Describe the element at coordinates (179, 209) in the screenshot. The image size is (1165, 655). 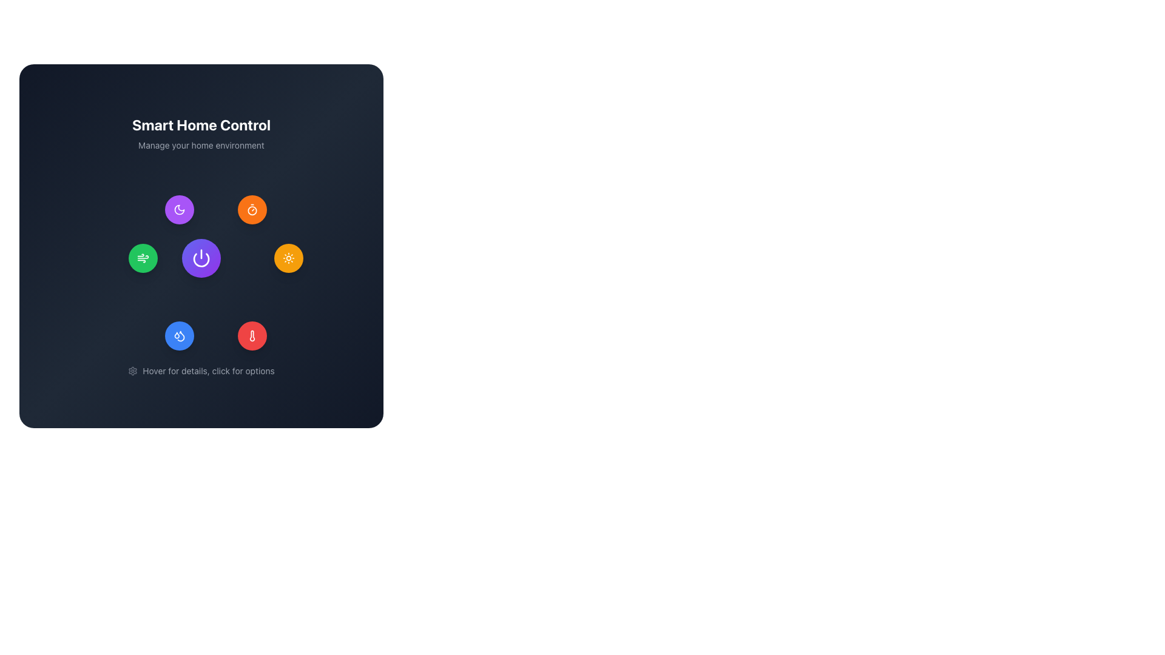
I see `the crescent moon graphical icon in the top-right corner of the interface` at that location.